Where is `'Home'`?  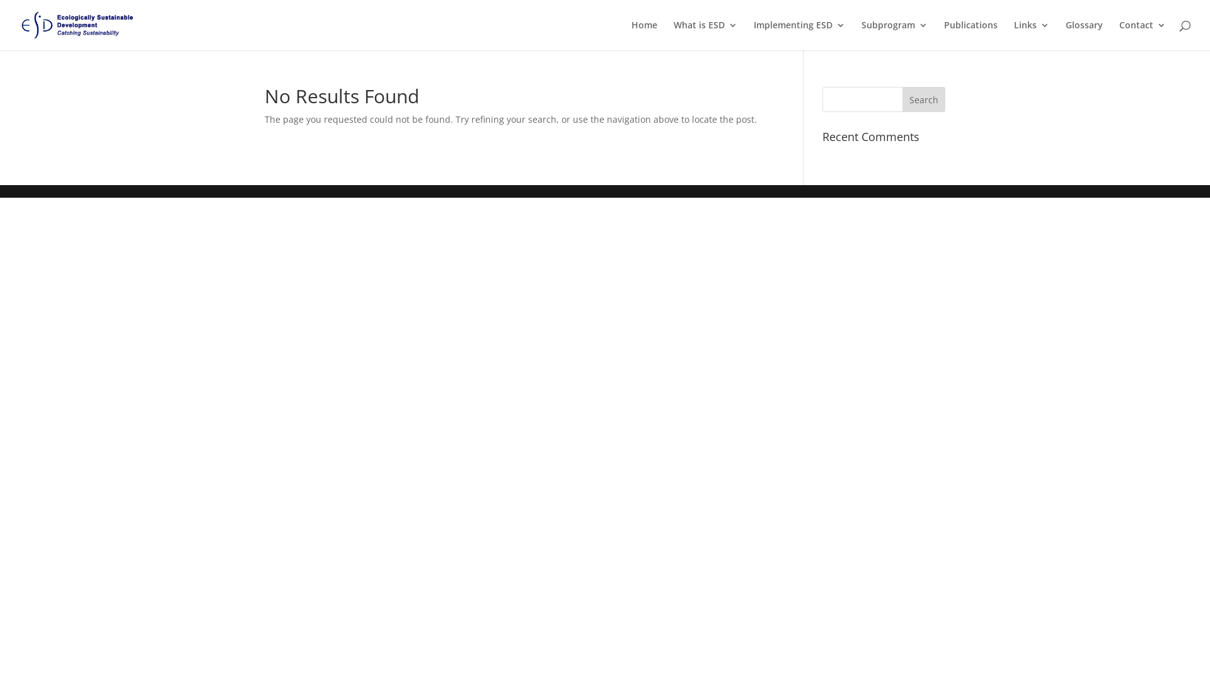 'Home' is located at coordinates (644, 35).